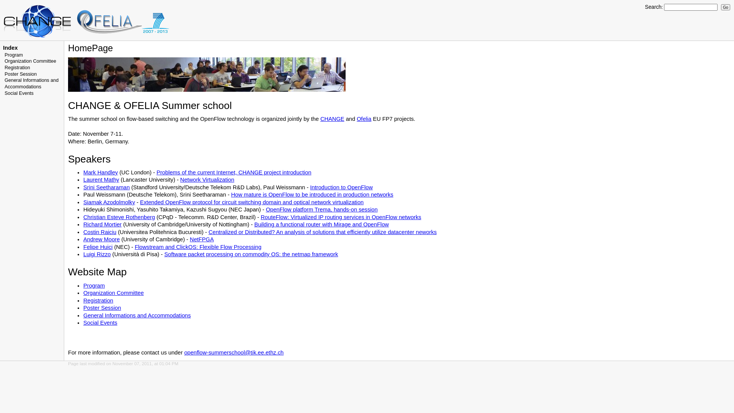 The height and width of the screenshot is (413, 734). I want to click on 'Laurent Mathy', so click(101, 180).